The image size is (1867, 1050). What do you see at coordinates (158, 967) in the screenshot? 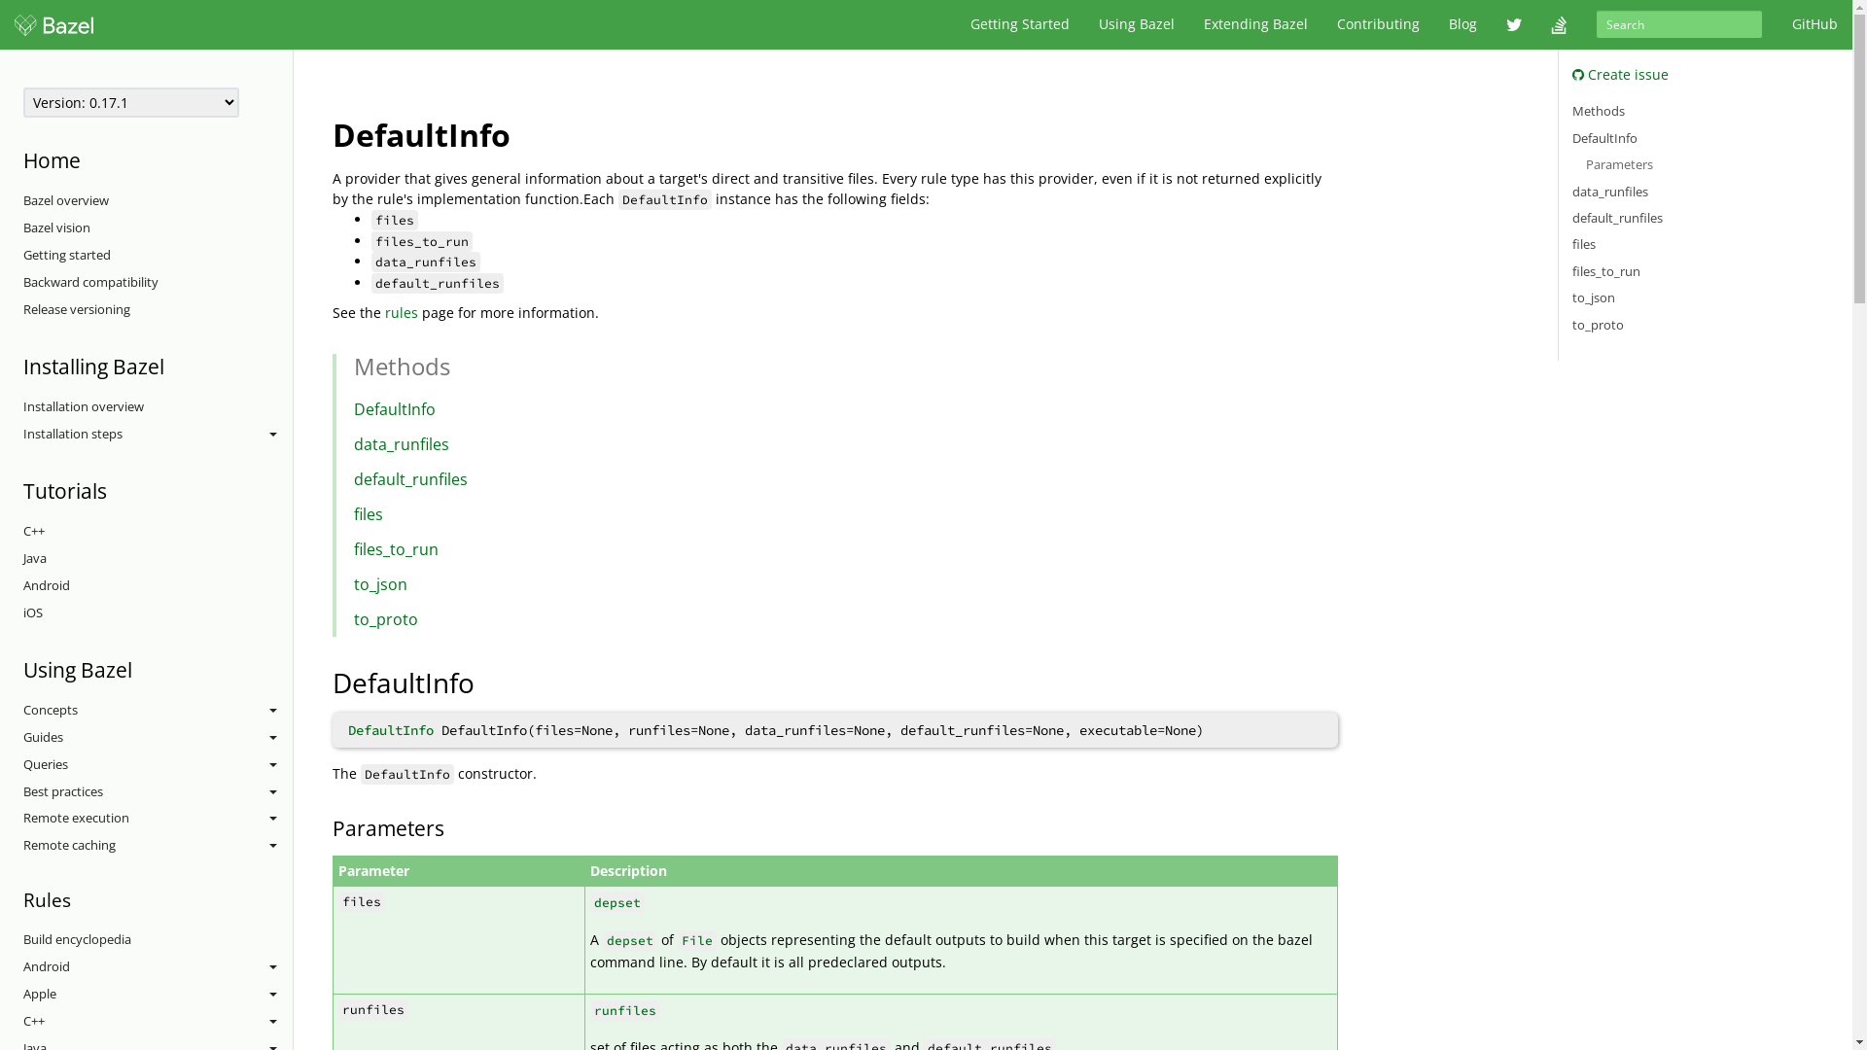
I see `'Android'` at bounding box center [158, 967].